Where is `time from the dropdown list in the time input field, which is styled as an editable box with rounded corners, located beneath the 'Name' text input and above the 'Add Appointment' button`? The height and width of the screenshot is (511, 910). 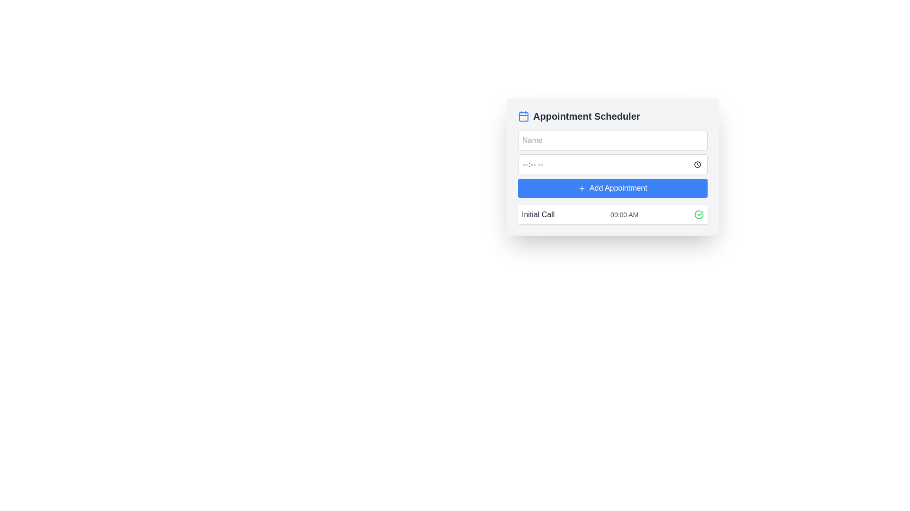 time from the dropdown list in the time input field, which is styled as an editable box with rounded corners, located beneath the 'Name' text input and above the 'Add Appointment' button is located at coordinates (612, 164).